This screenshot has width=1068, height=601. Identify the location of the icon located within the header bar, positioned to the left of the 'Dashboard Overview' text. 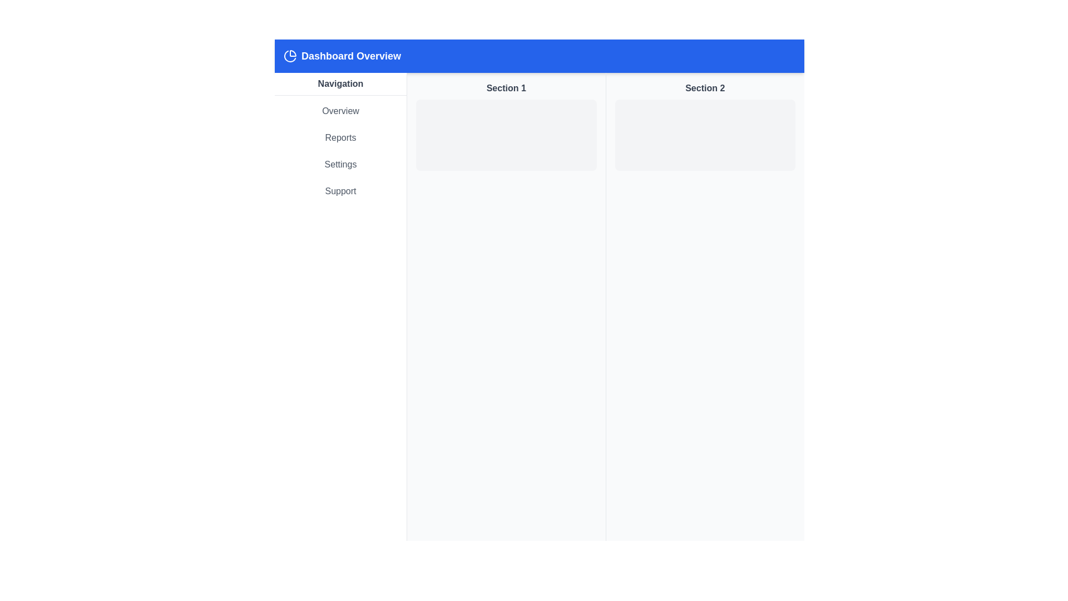
(290, 56).